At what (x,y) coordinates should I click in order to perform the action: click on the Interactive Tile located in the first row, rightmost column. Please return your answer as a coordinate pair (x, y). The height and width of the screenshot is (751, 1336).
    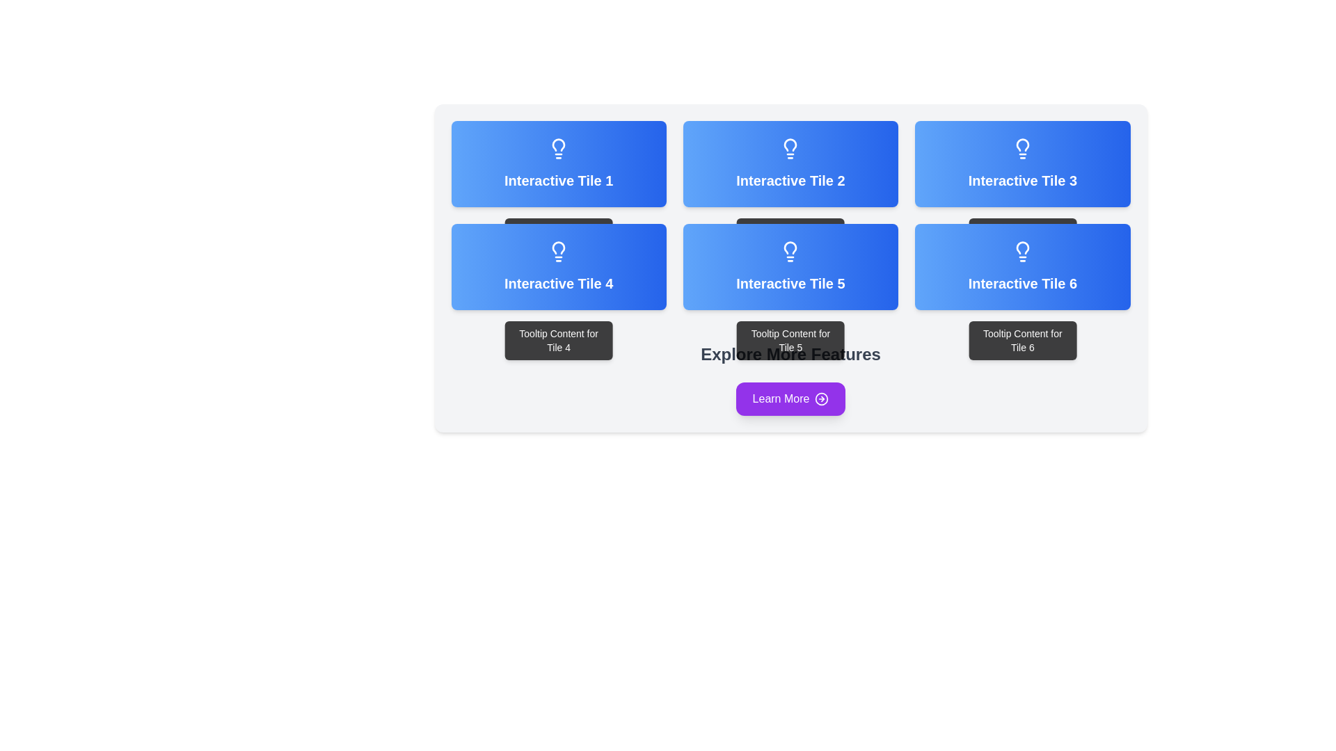
    Looking at the image, I should click on (1022, 163).